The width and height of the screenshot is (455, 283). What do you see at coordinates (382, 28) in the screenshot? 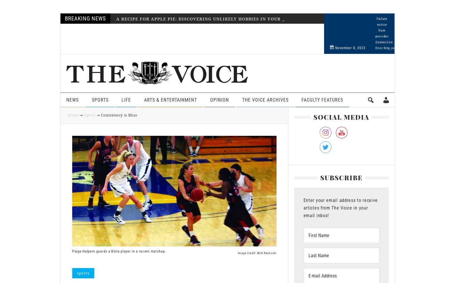
I see `'Failure notice from provider:'` at bounding box center [382, 28].